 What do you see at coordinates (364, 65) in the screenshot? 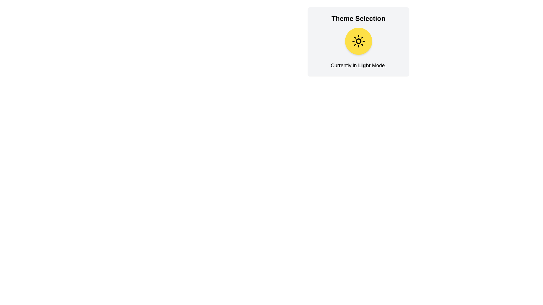
I see `text label that indicates the current theme mode, specifically the word 'Light' from the text 'Currently in Light Mode.'` at bounding box center [364, 65].